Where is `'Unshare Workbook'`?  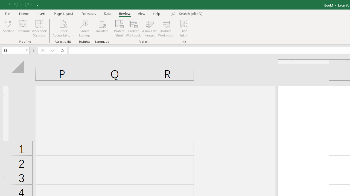
'Unshare Workbook' is located at coordinates (165, 28).